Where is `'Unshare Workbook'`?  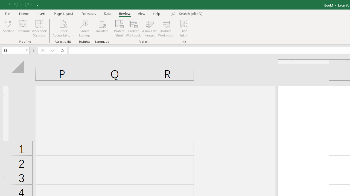
'Unshare Workbook' is located at coordinates (165, 28).